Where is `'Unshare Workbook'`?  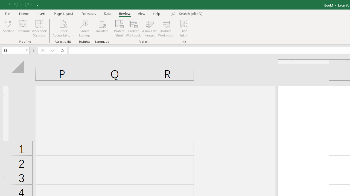
'Unshare Workbook' is located at coordinates (165, 28).